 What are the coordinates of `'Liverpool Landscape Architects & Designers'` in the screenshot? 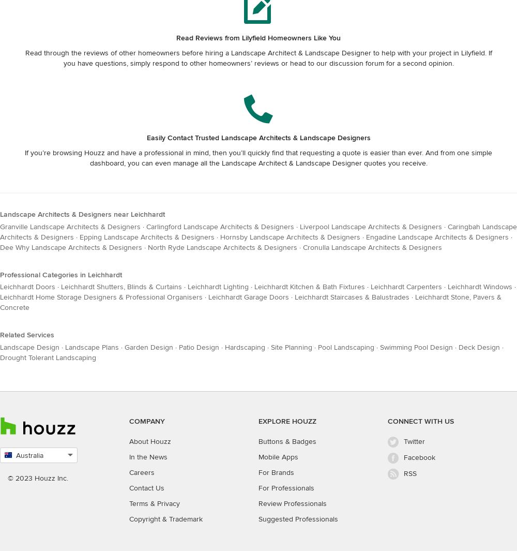 It's located at (370, 226).